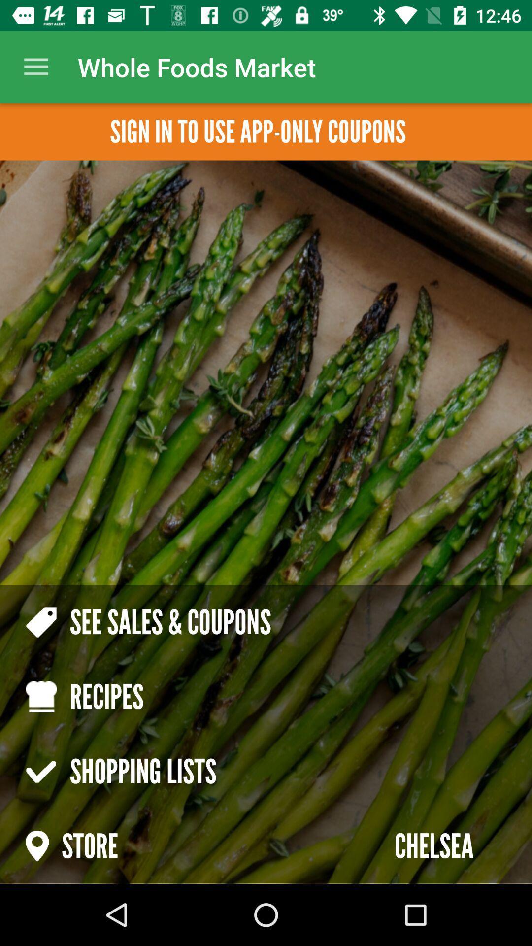  What do you see at coordinates (35, 67) in the screenshot?
I see `item to the left of whole foods market icon` at bounding box center [35, 67].